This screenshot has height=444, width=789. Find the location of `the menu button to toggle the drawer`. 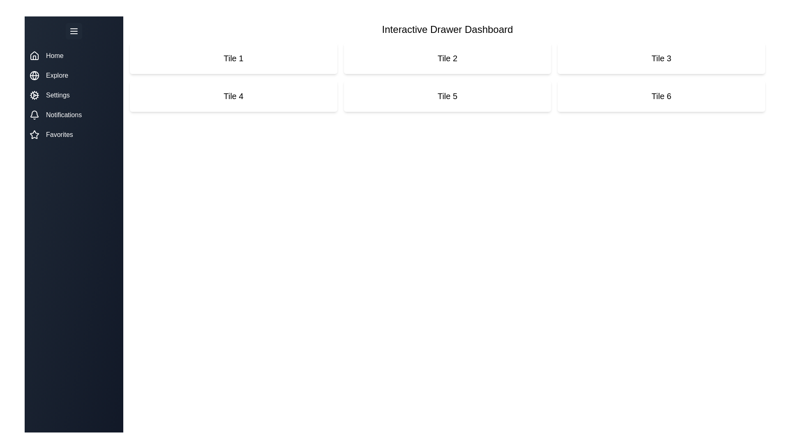

the menu button to toggle the drawer is located at coordinates (74, 31).